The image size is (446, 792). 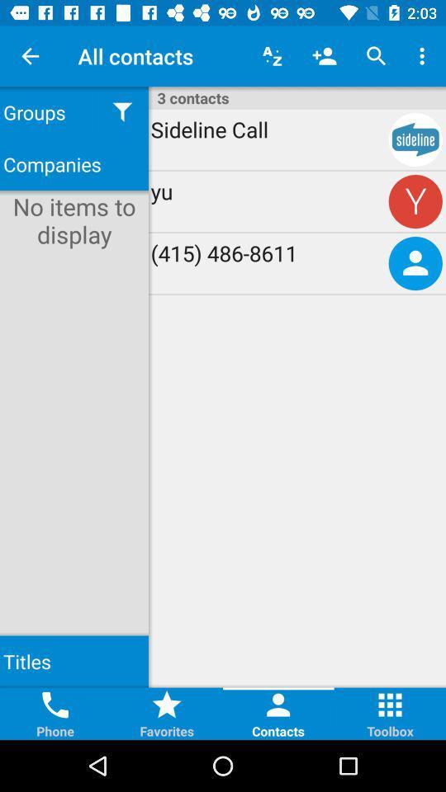 What do you see at coordinates (74, 662) in the screenshot?
I see `titles item` at bounding box center [74, 662].